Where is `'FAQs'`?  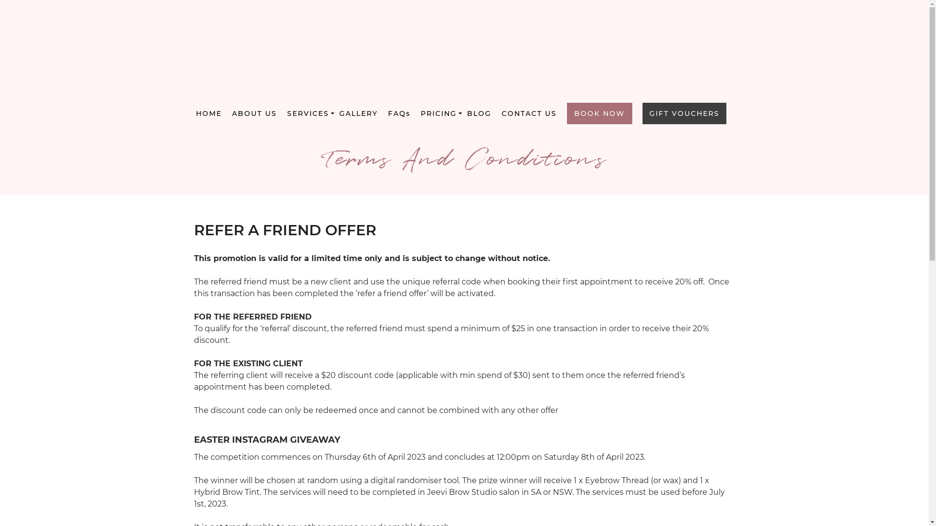 'FAQs' is located at coordinates (388, 113).